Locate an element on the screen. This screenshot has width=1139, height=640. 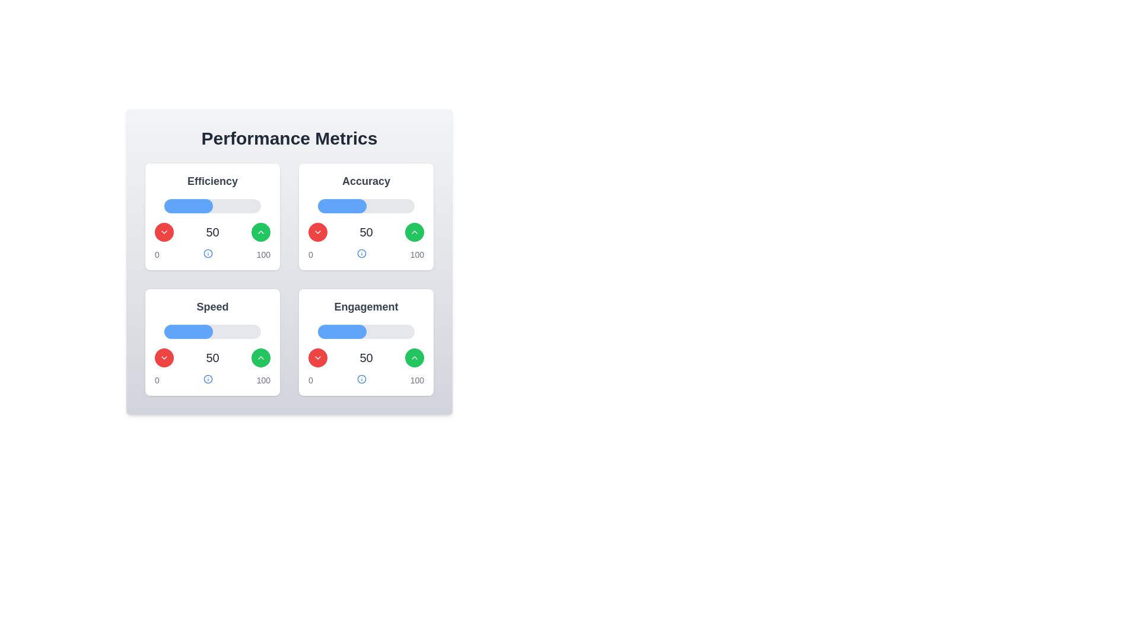
the chevron-up icon button styled with a green circular button in the 'Accuracy' section of the 'Performance Metrics' grid layout to increase the accuracy value is located at coordinates (260, 232).